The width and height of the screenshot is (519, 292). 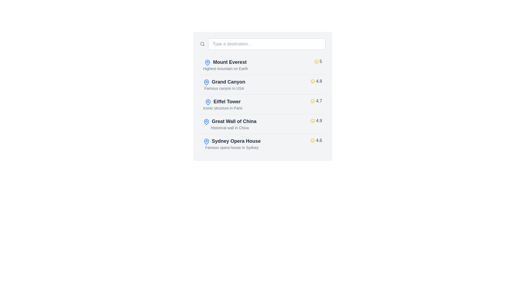 I want to click on the icon indicating the location for 'Sydney Opera House' in the list of destinations, so click(x=206, y=141).